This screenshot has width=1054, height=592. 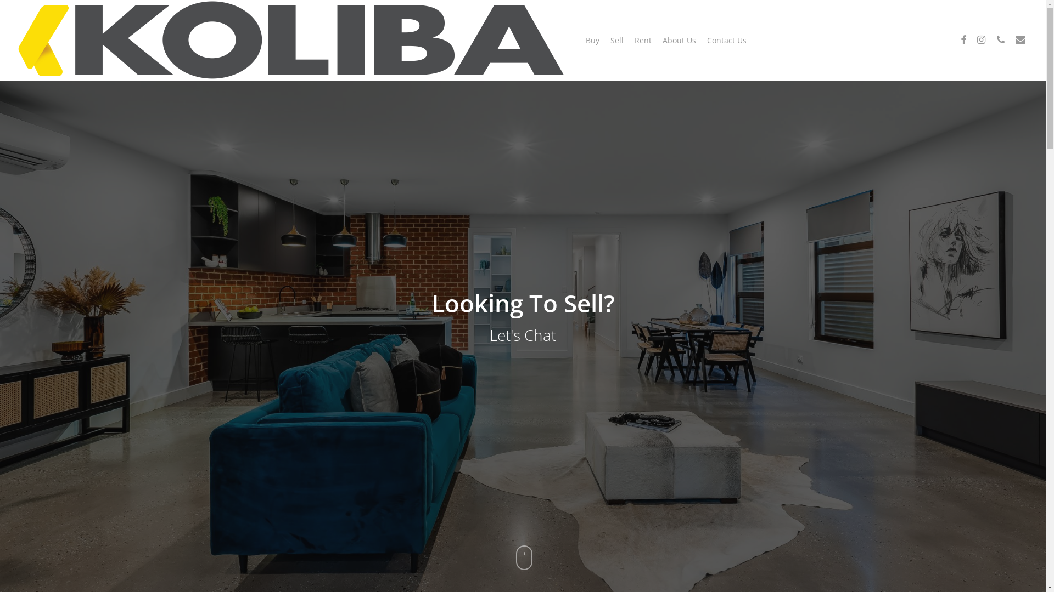 I want to click on 'Buy', so click(x=592, y=39).